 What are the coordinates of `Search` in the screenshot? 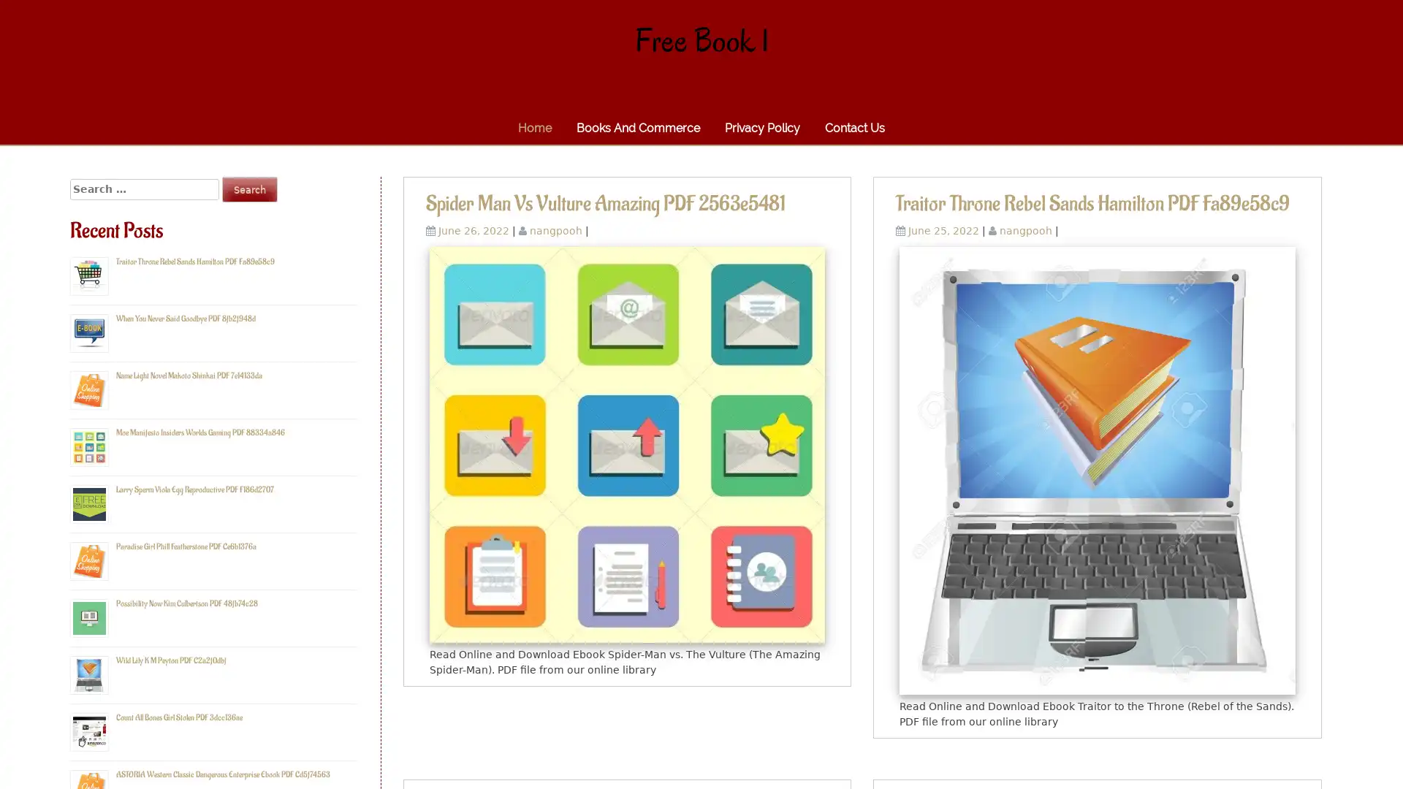 It's located at (249, 188).